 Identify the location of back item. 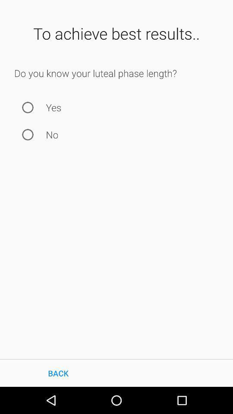
(58, 373).